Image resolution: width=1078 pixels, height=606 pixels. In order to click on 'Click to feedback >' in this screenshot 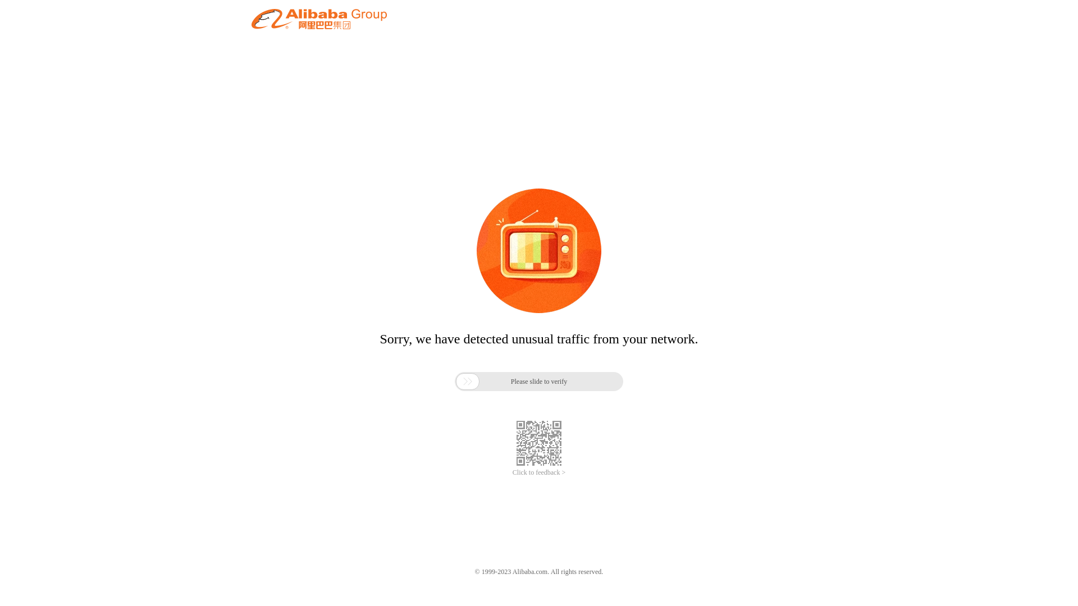, I will do `click(539, 472)`.